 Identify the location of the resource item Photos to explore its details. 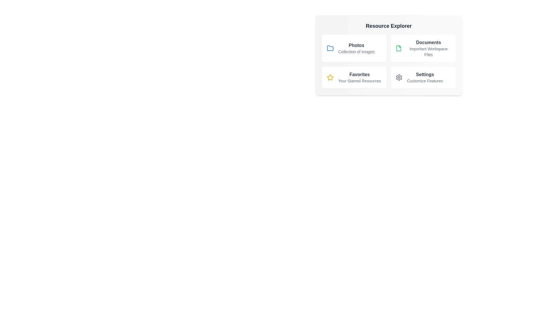
(354, 48).